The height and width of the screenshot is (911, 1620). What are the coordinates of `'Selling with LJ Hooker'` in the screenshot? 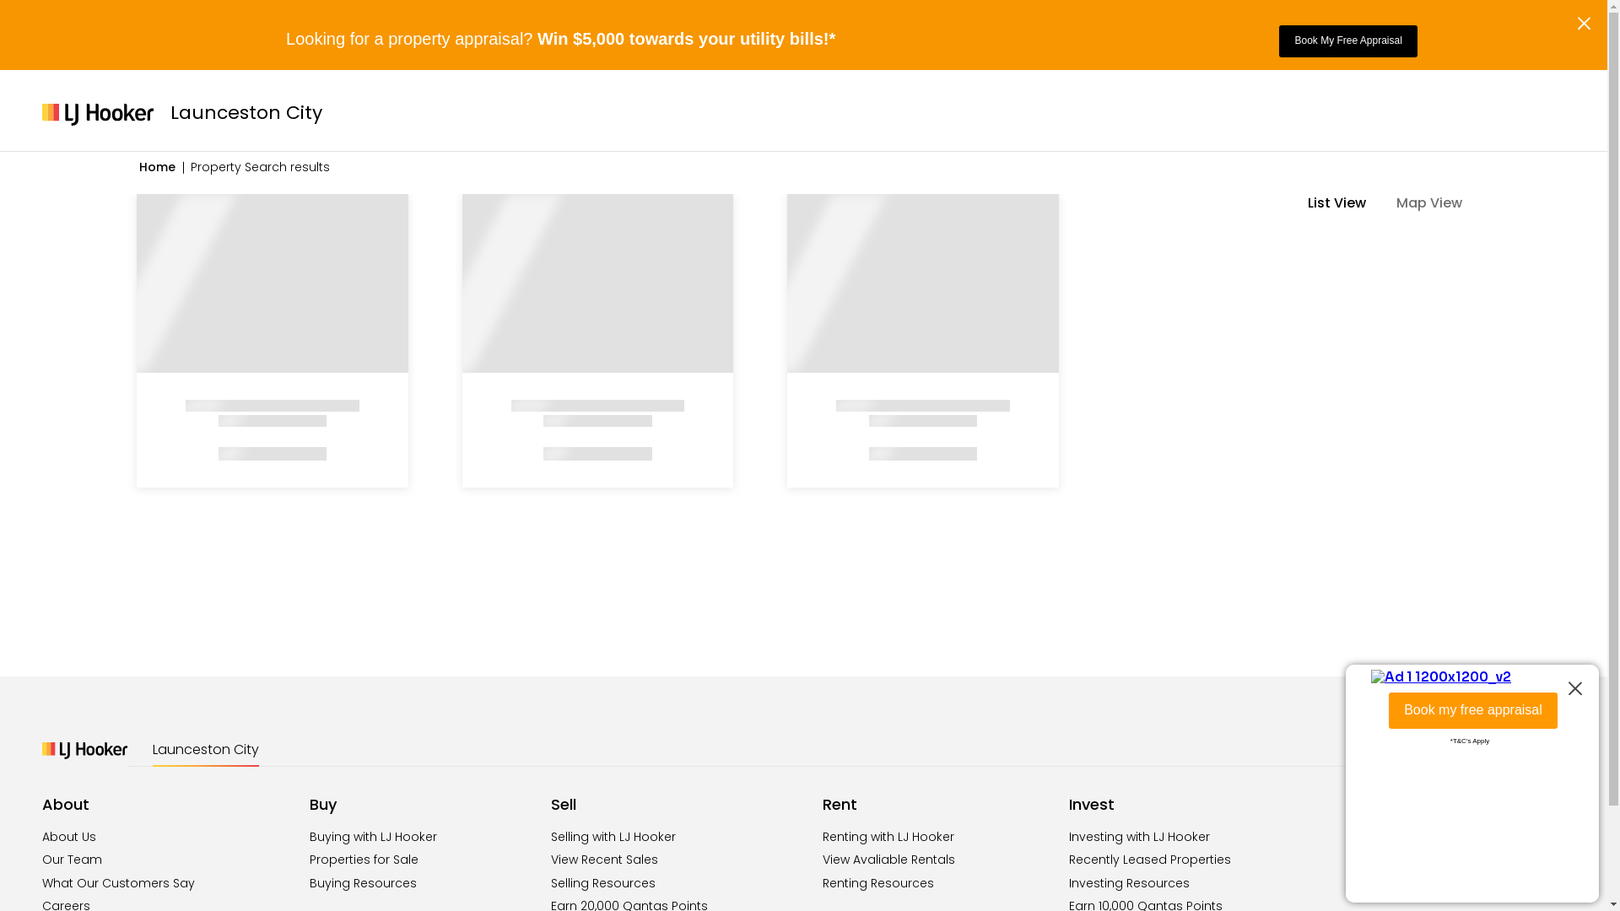 It's located at (550, 836).